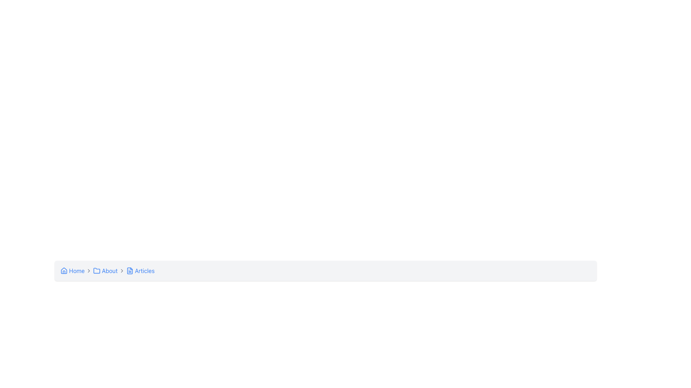 This screenshot has height=388, width=691. I want to click on the 'Home' icon in the breadcrumb navigation bar, so click(64, 270).